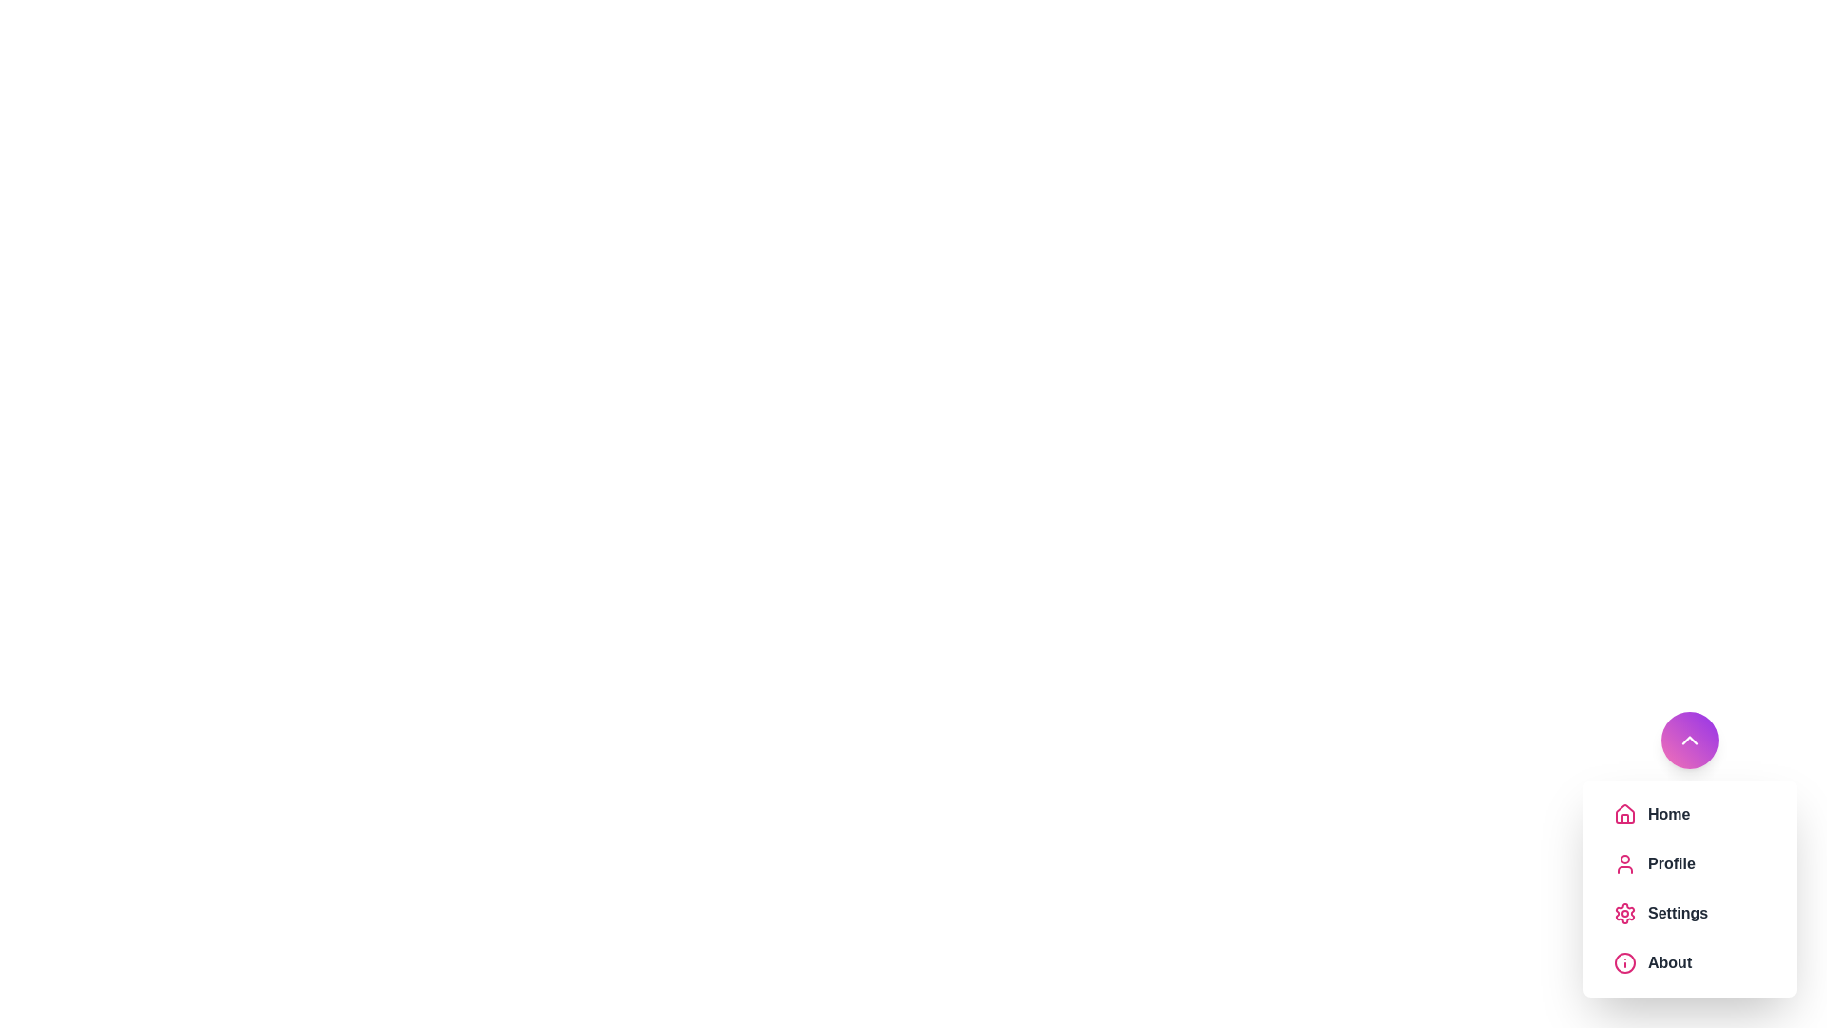  Describe the element at coordinates (1690, 740) in the screenshot. I see `main button to toggle the menu visibility` at that location.